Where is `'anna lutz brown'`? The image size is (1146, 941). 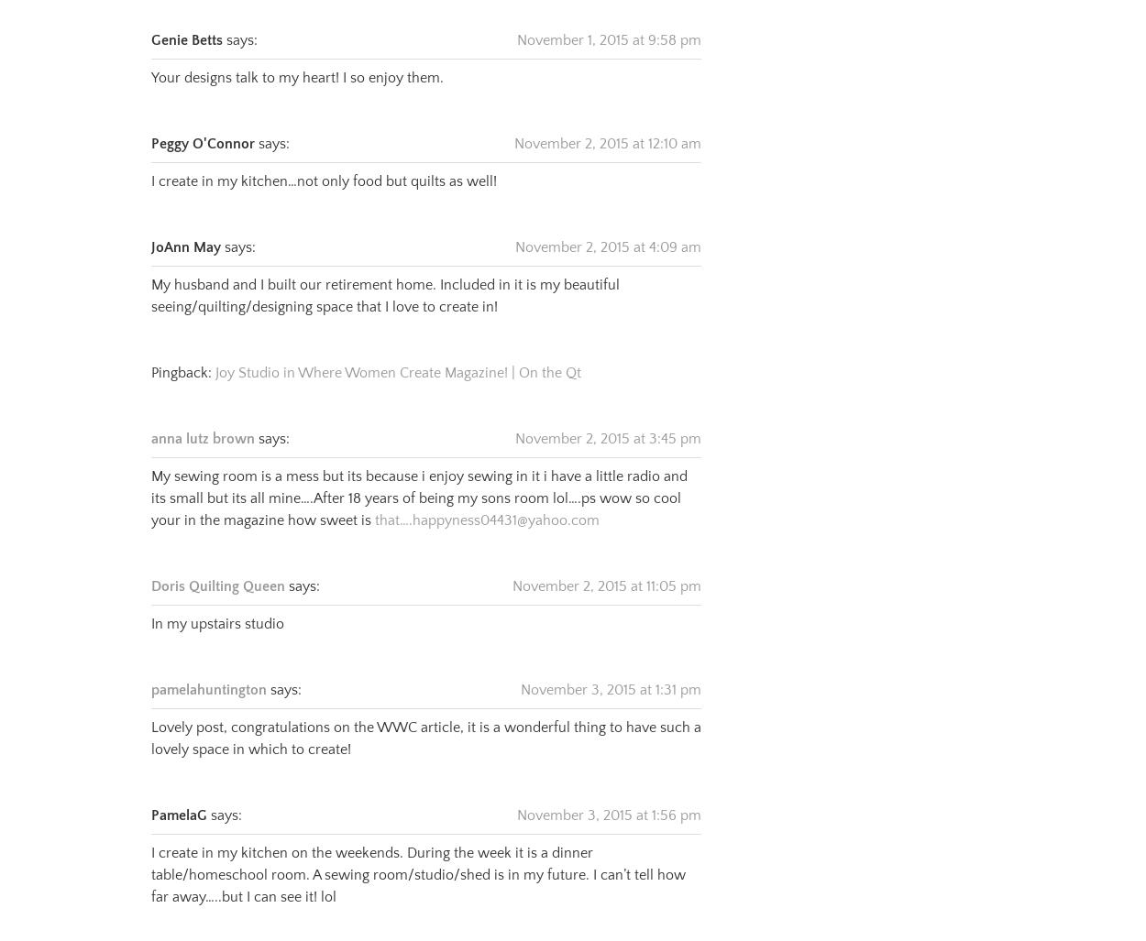 'anna lutz brown' is located at coordinates (202, 415).